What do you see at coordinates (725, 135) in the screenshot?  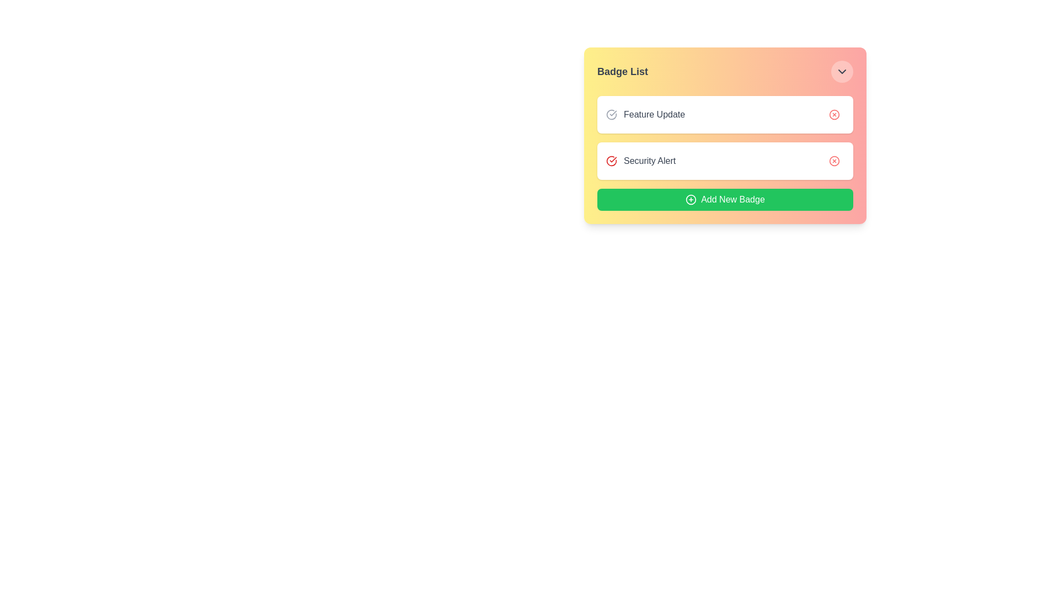 I see `the circle icon associated with the 'Feature Update' item in the Badge List, which is part of a composite widget containing a list and an 'Add New Badge' button` at bounding box center [725, 135].